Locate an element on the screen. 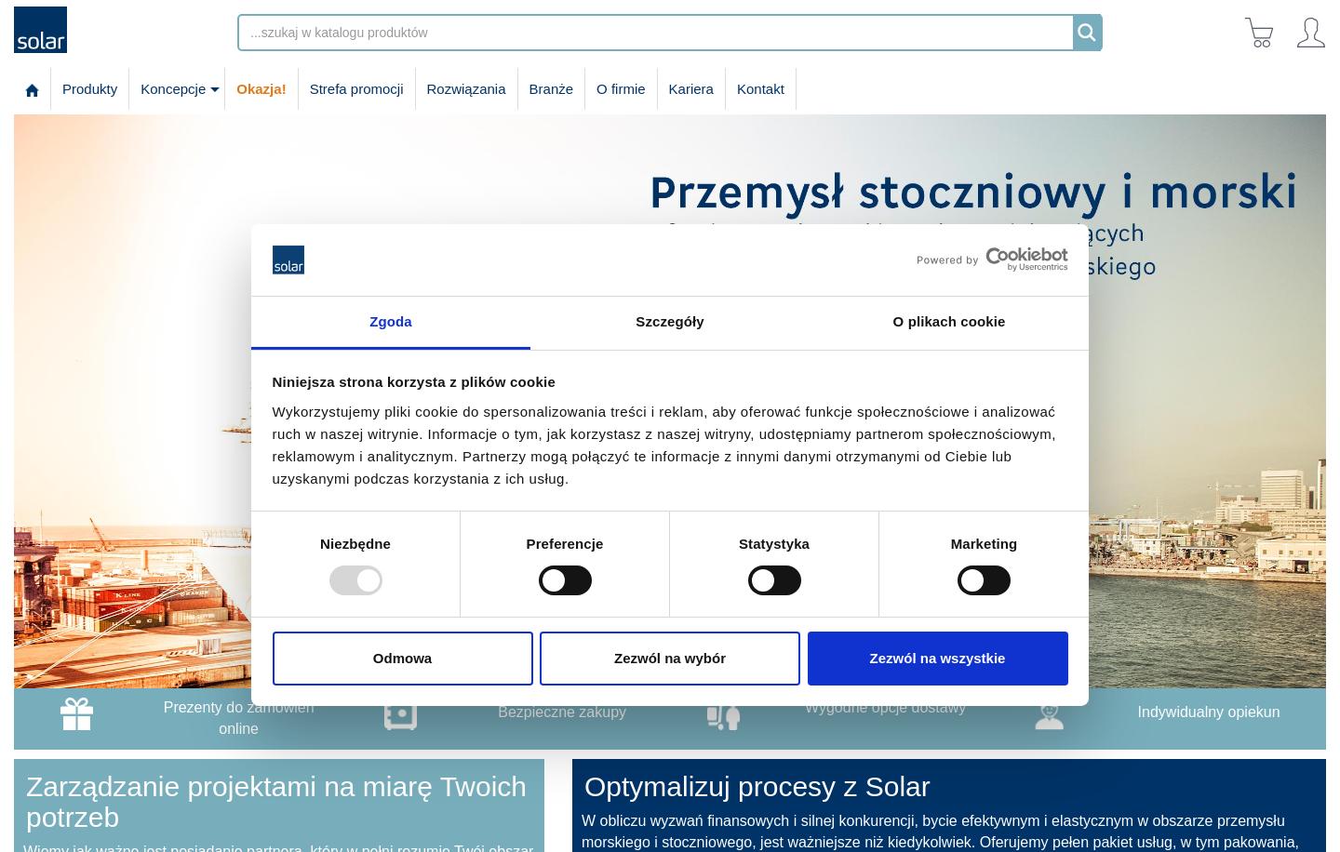 The width and height of the screenshot is (1340, 852). 'Strefa promocji' is located at coordinates (355, 87).